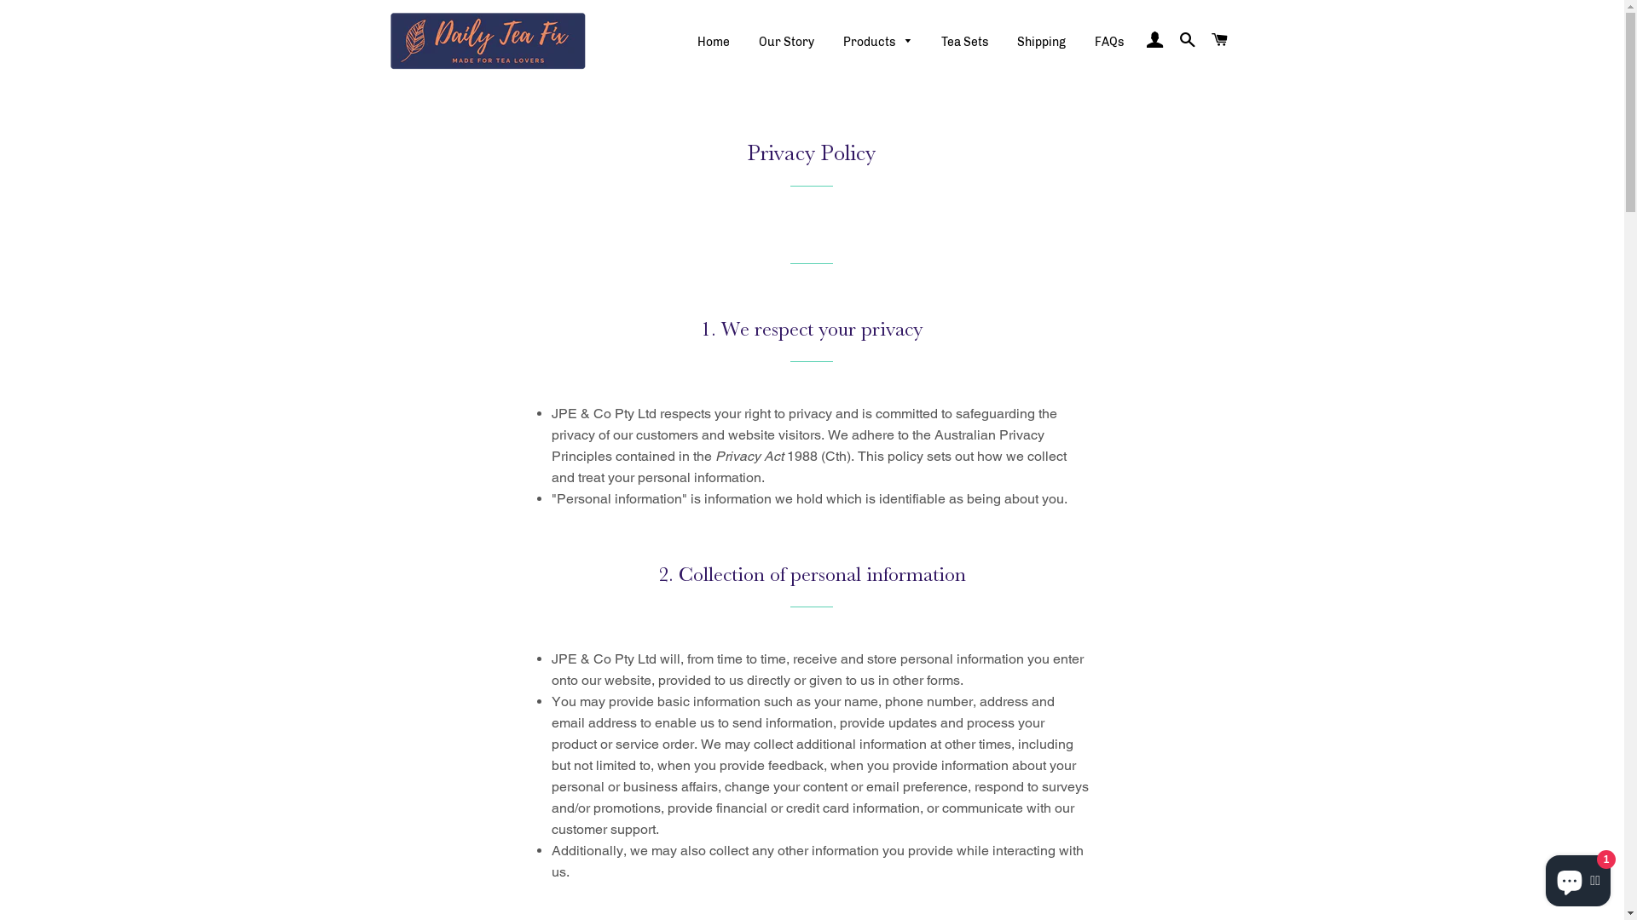  I want to click on 'Shipping', so click(1040, 42).